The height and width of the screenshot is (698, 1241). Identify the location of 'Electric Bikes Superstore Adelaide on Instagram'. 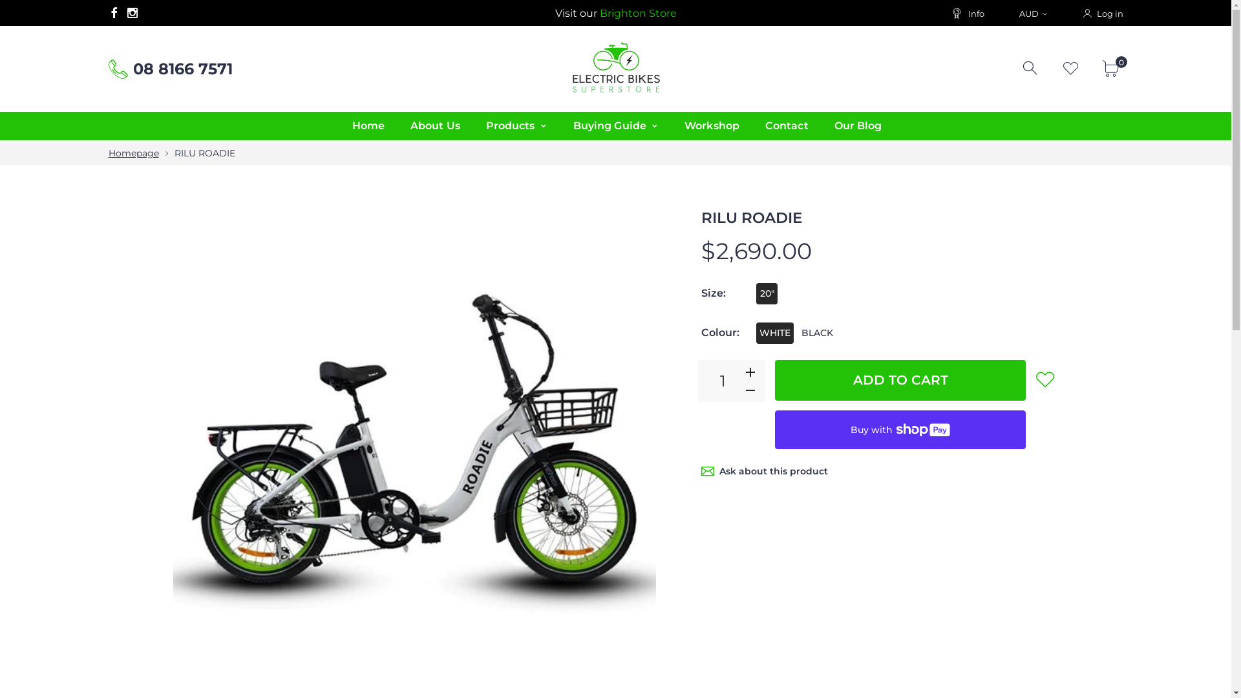
(123, 12).